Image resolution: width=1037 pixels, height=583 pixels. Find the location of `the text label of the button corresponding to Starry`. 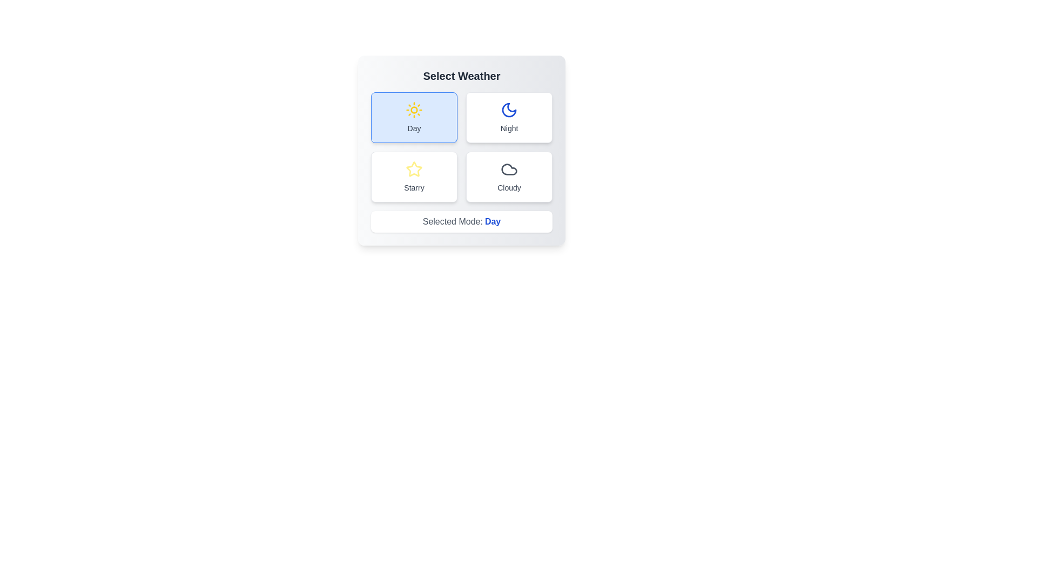

the text label of the button corresponding to Starry is located at coordinates (414, 187).